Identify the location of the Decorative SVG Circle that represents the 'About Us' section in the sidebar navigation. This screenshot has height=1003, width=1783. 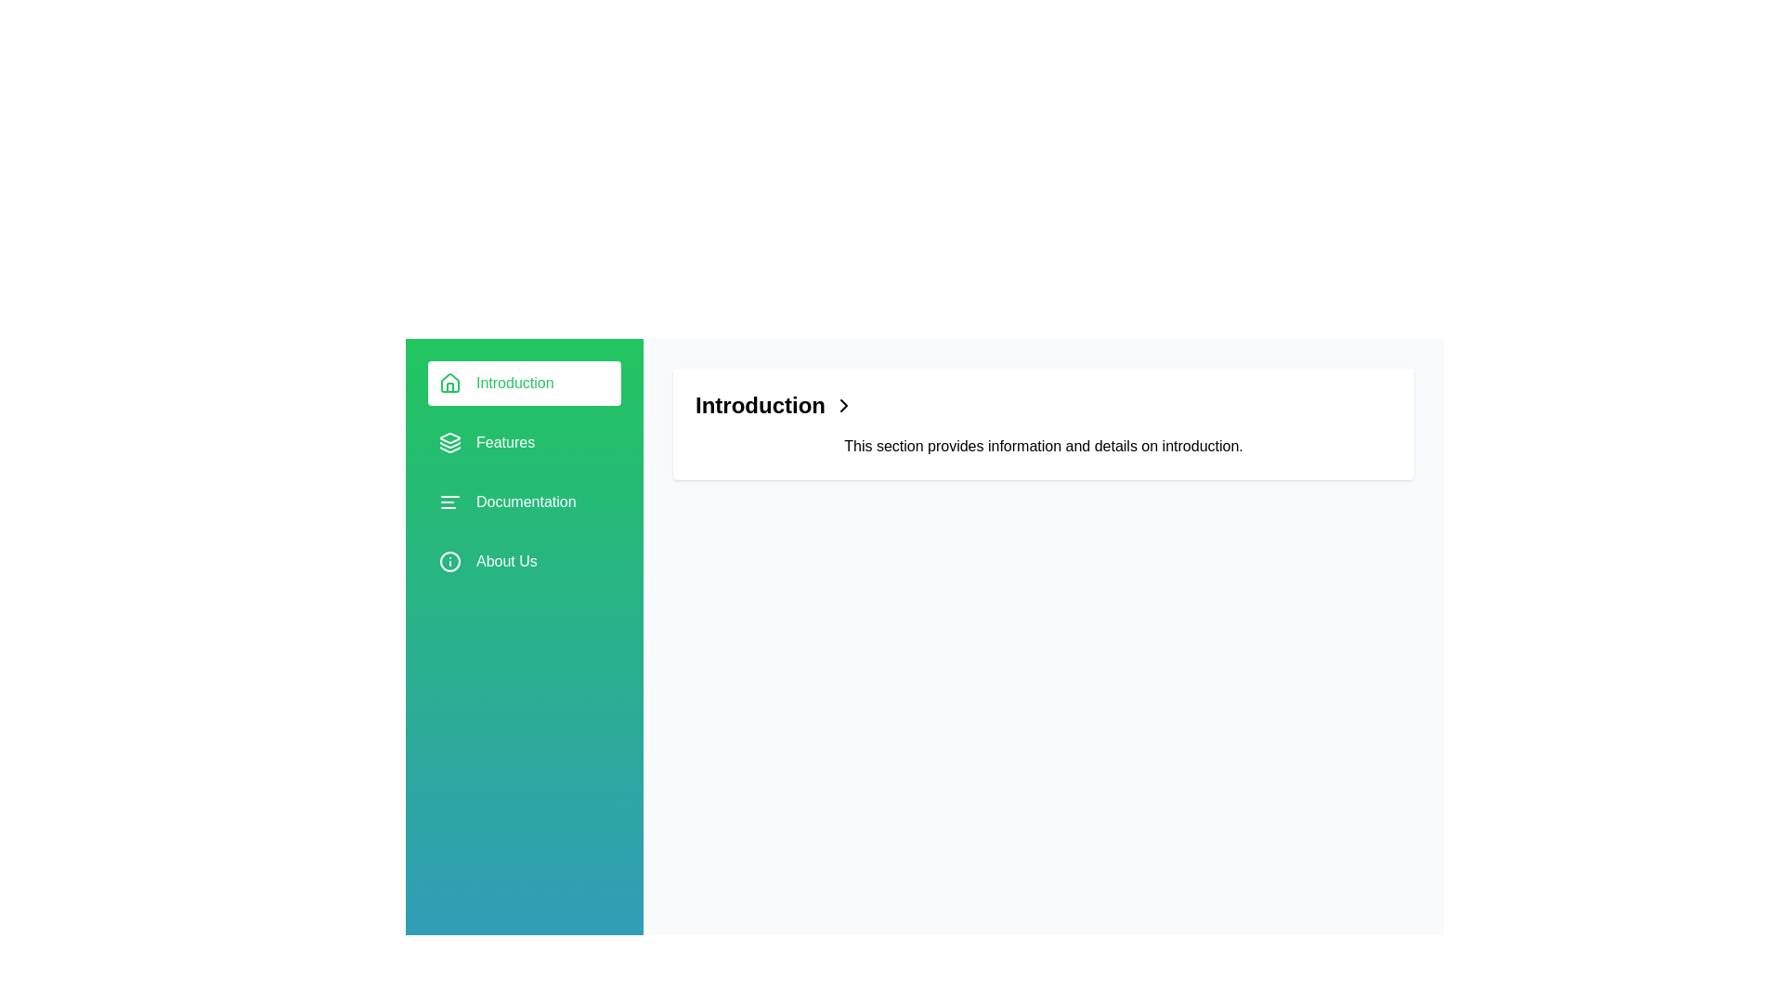
(449, 561).